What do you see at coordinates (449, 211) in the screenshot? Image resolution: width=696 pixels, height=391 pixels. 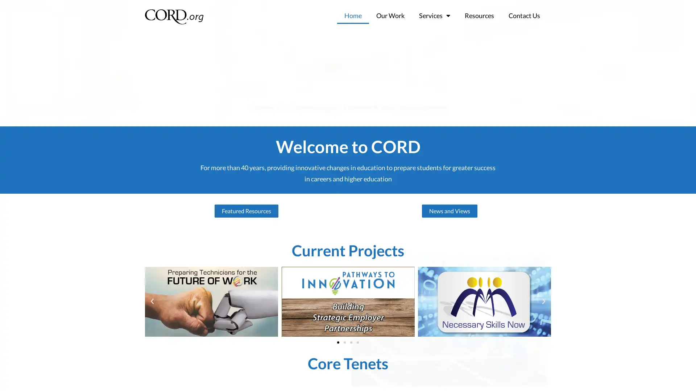 I see `News and Views` at bounding box center [449, 211].